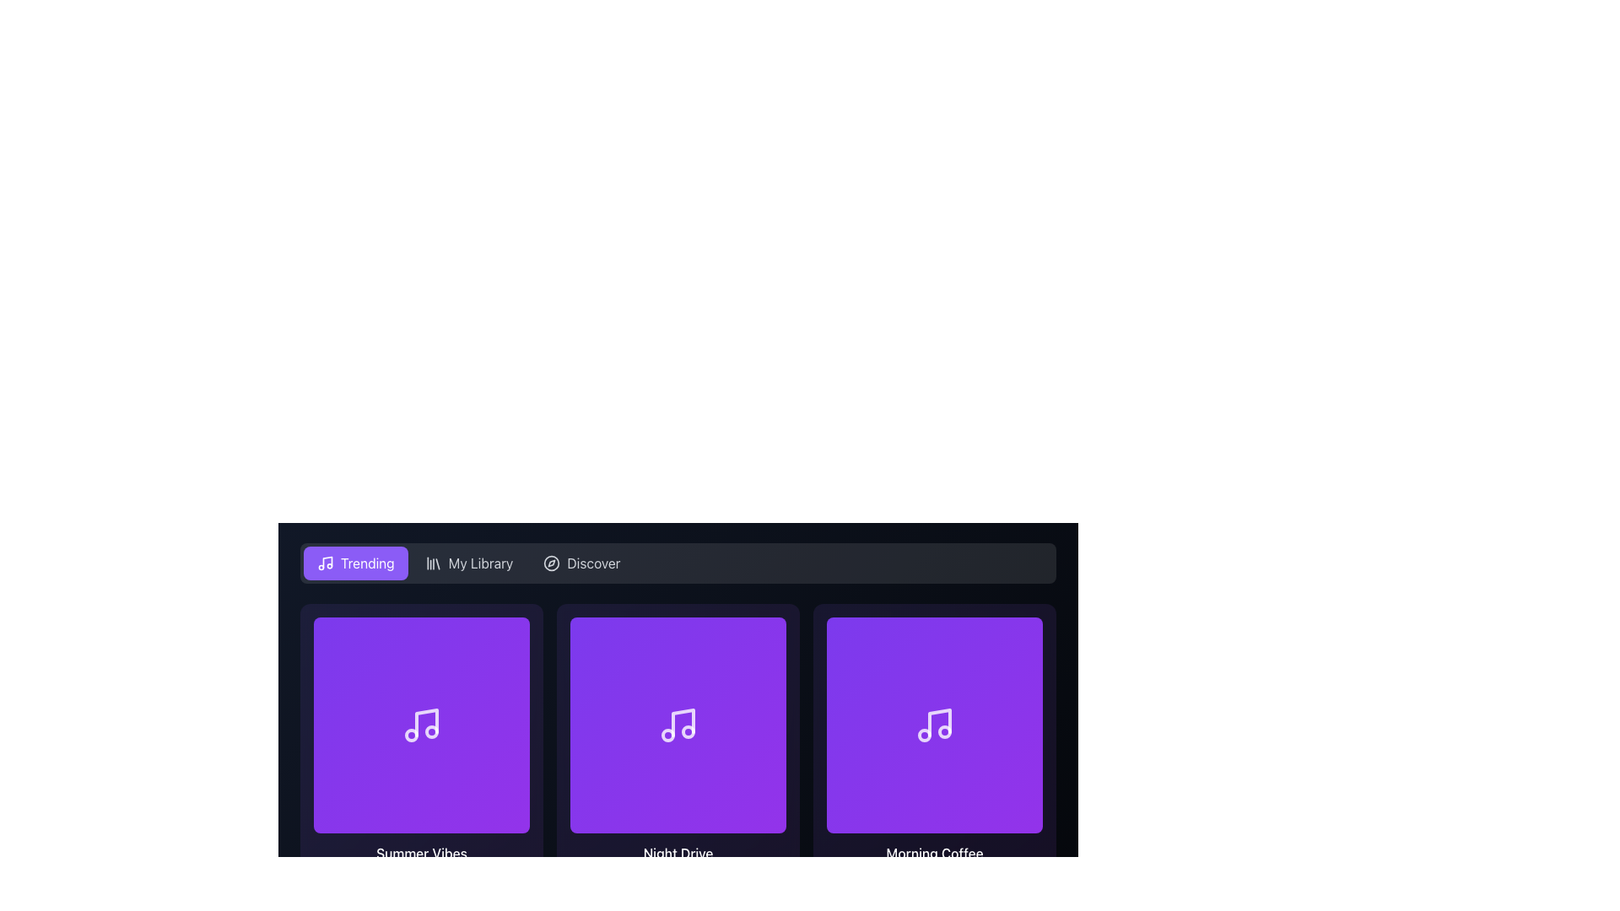 The height and width of the screenshot is (911, 1620). I want to click on the music or audio icon located at the center of the square card under the 'Morning Coffee' label, so click(934, 725).